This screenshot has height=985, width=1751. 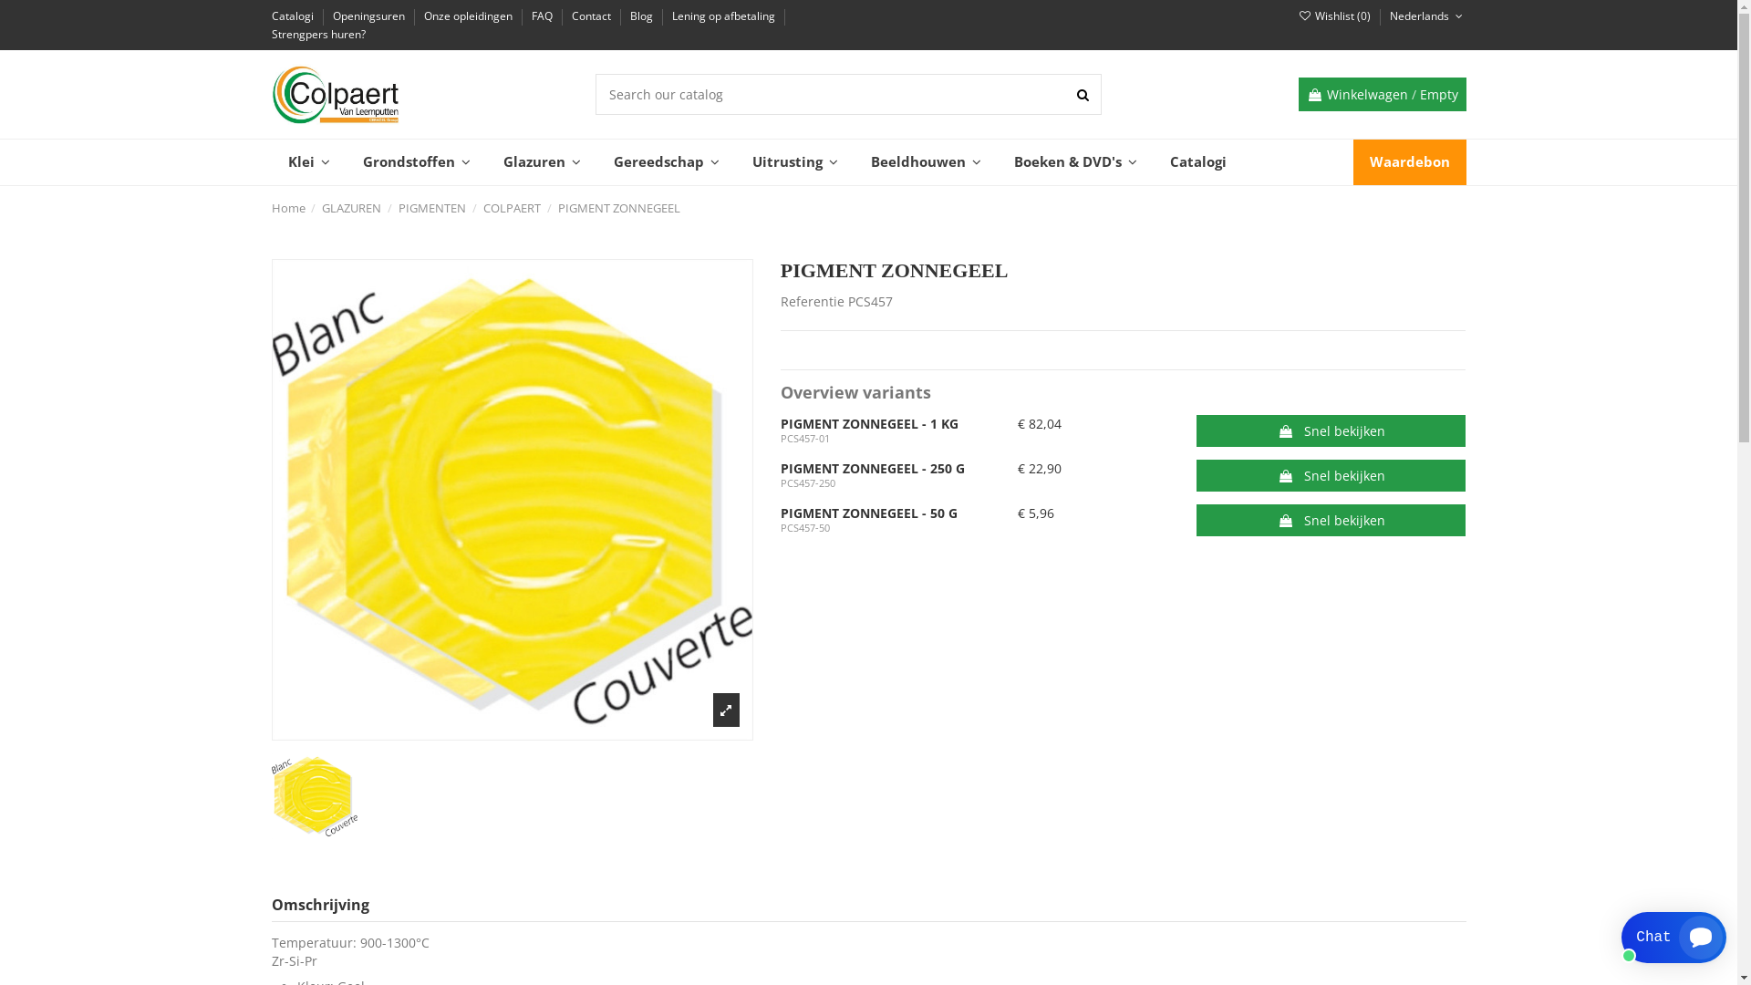 What do you see at coordinates (529, 16) in the screenshot?
I see `'FAQ'` at bounding box center [529, 16].